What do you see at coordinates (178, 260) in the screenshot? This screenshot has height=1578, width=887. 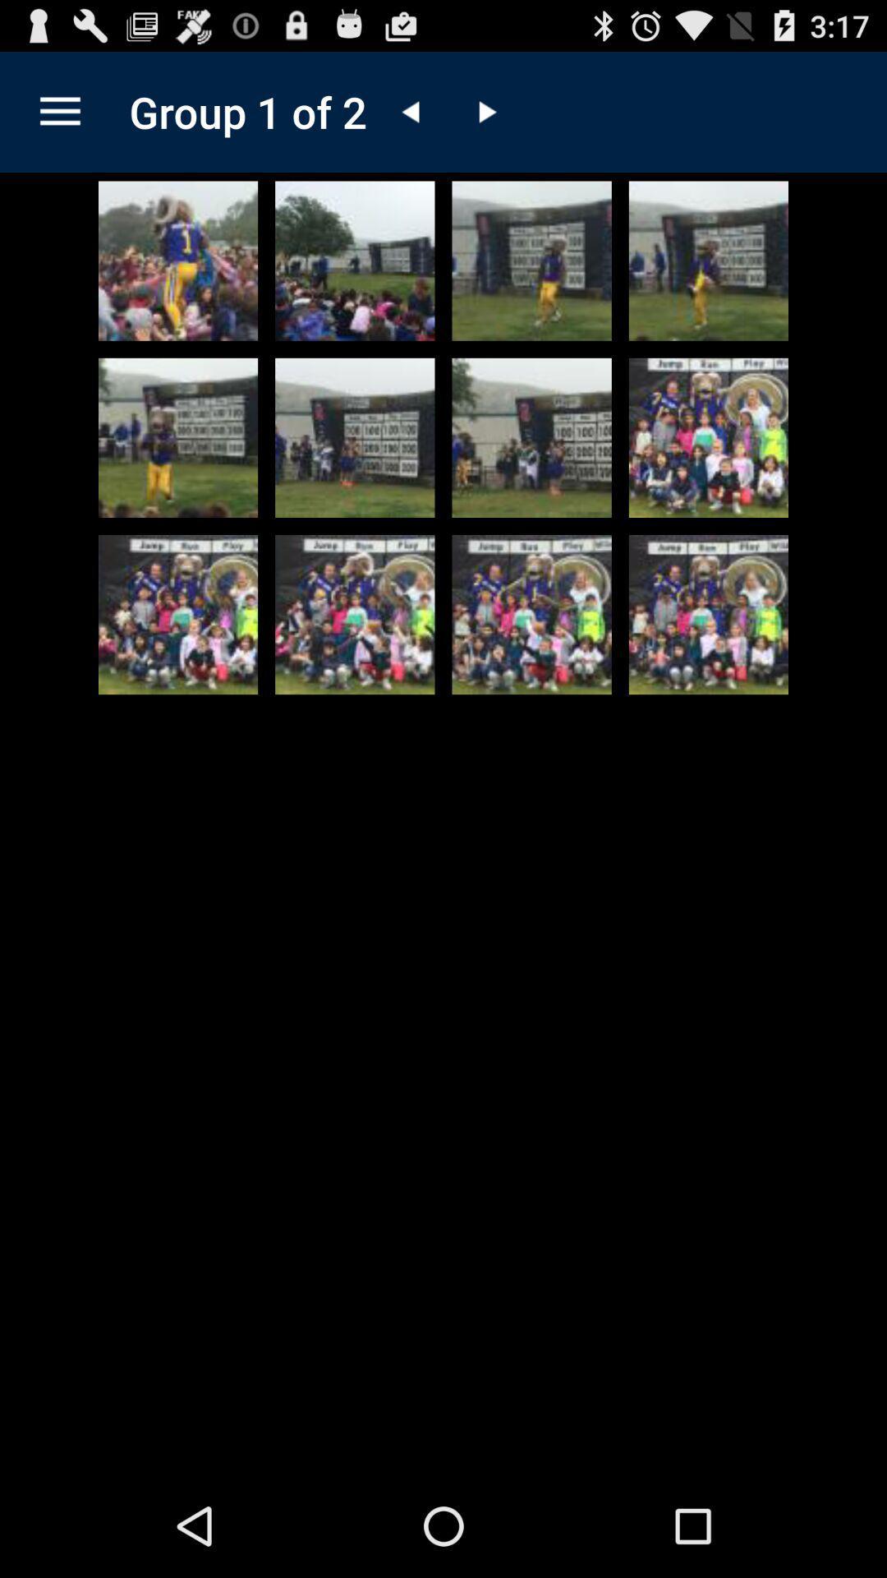 I see `enlarge image` at bounding box center [178, 260].